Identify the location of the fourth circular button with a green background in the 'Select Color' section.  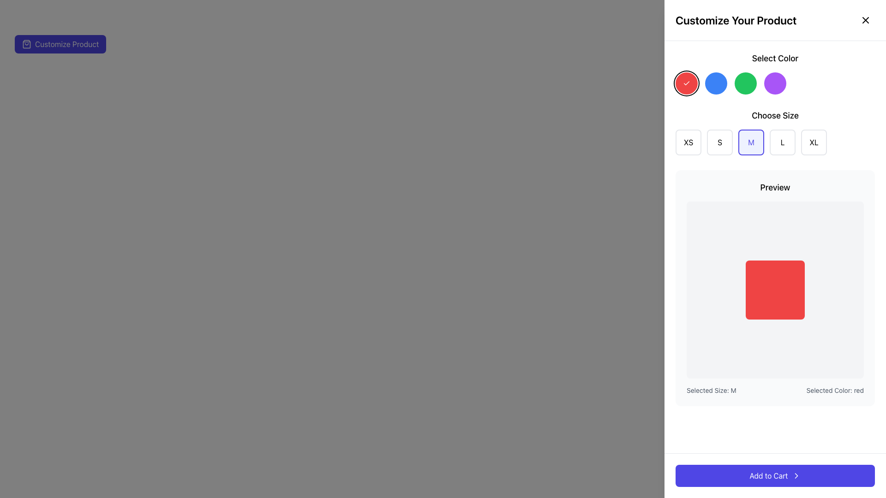
(746, 83).